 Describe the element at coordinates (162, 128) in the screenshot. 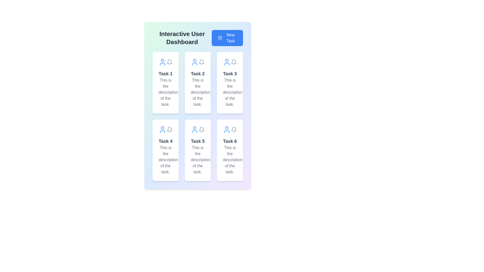

I see `the circular SVG element representing user-related features, located at the center of the user icon within the card for Task 4` at that location.